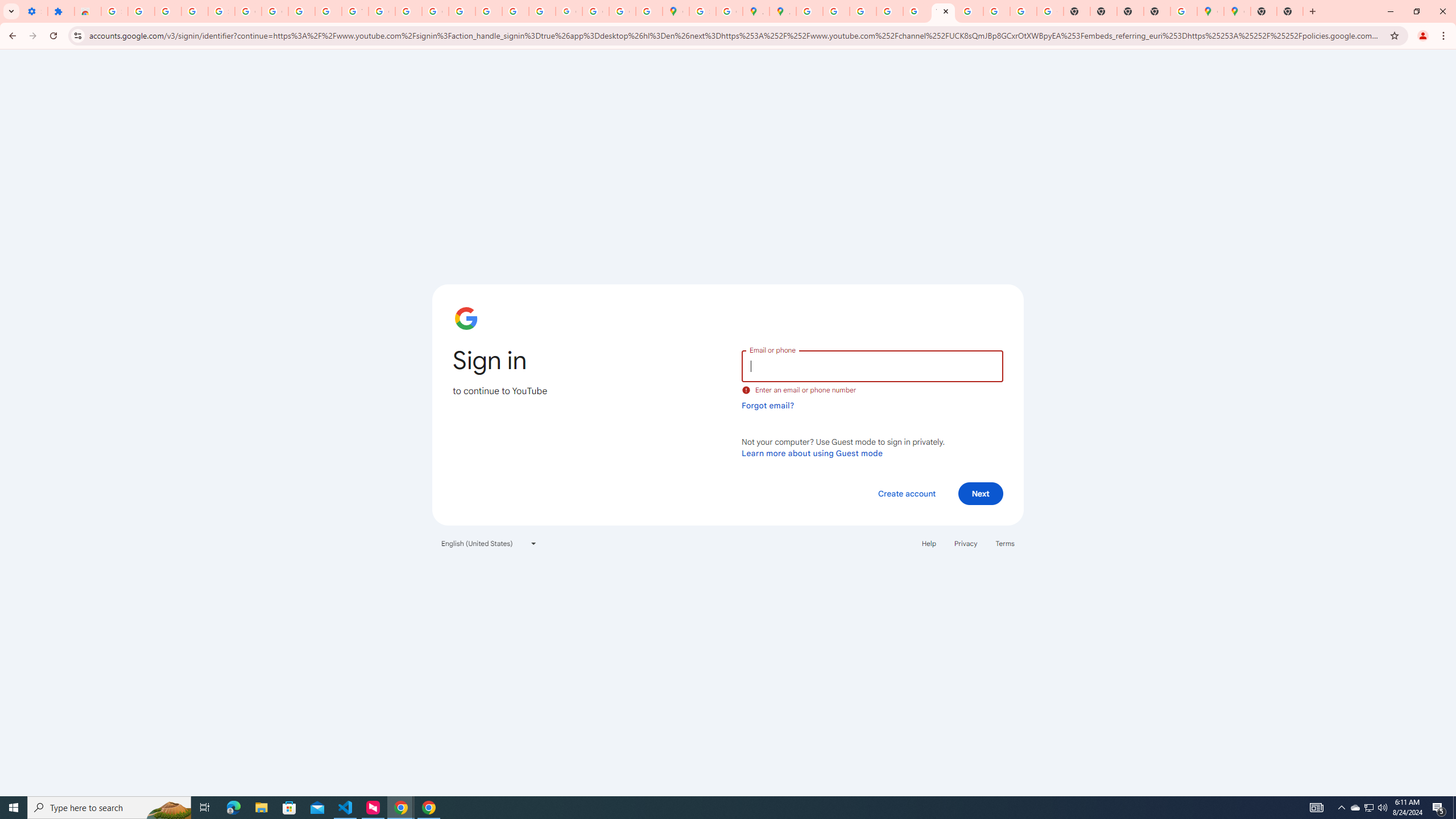 This screenshot has height=819, width=1456. Describe the element at coordinates (871, 365) in the screenshot. I see `'Email or phone'` at that location.